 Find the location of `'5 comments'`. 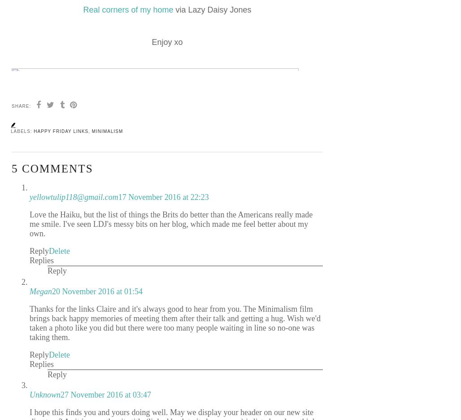

'5 comments' is located at coordinates (52, 168).